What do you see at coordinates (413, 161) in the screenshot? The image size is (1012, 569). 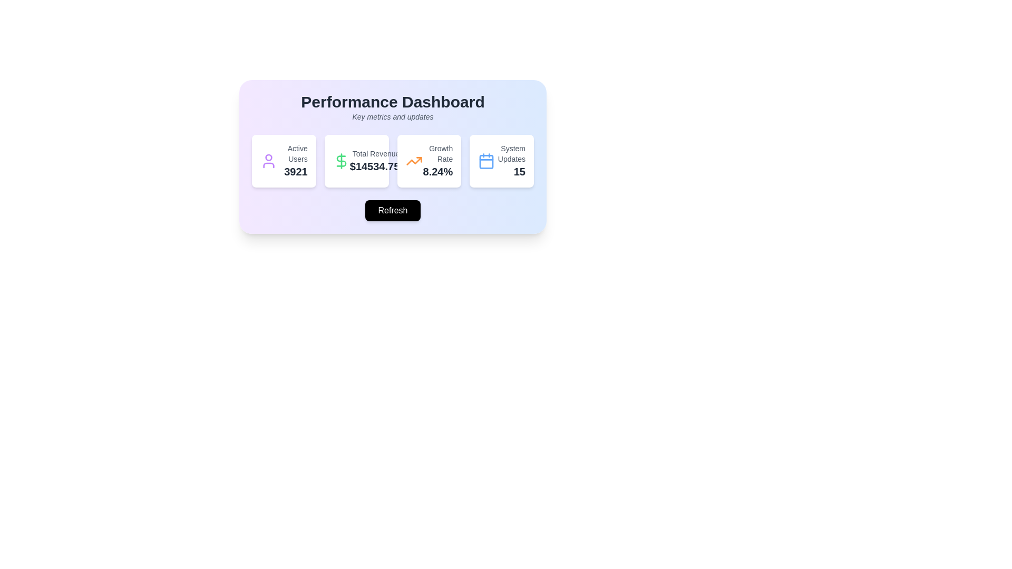 I see `the upward trending orange arrow graph icon located in the 'Growth Rate' summary card, positioned above the '8.24%' text` at bounding box center [413, 161].